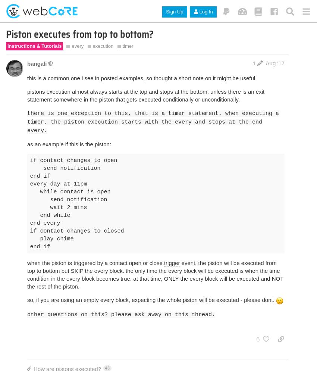 The image size is (317, 371). Describe the element at coordinates (275, 63) in the screenshot. I see `'Aug '17'` at that location.